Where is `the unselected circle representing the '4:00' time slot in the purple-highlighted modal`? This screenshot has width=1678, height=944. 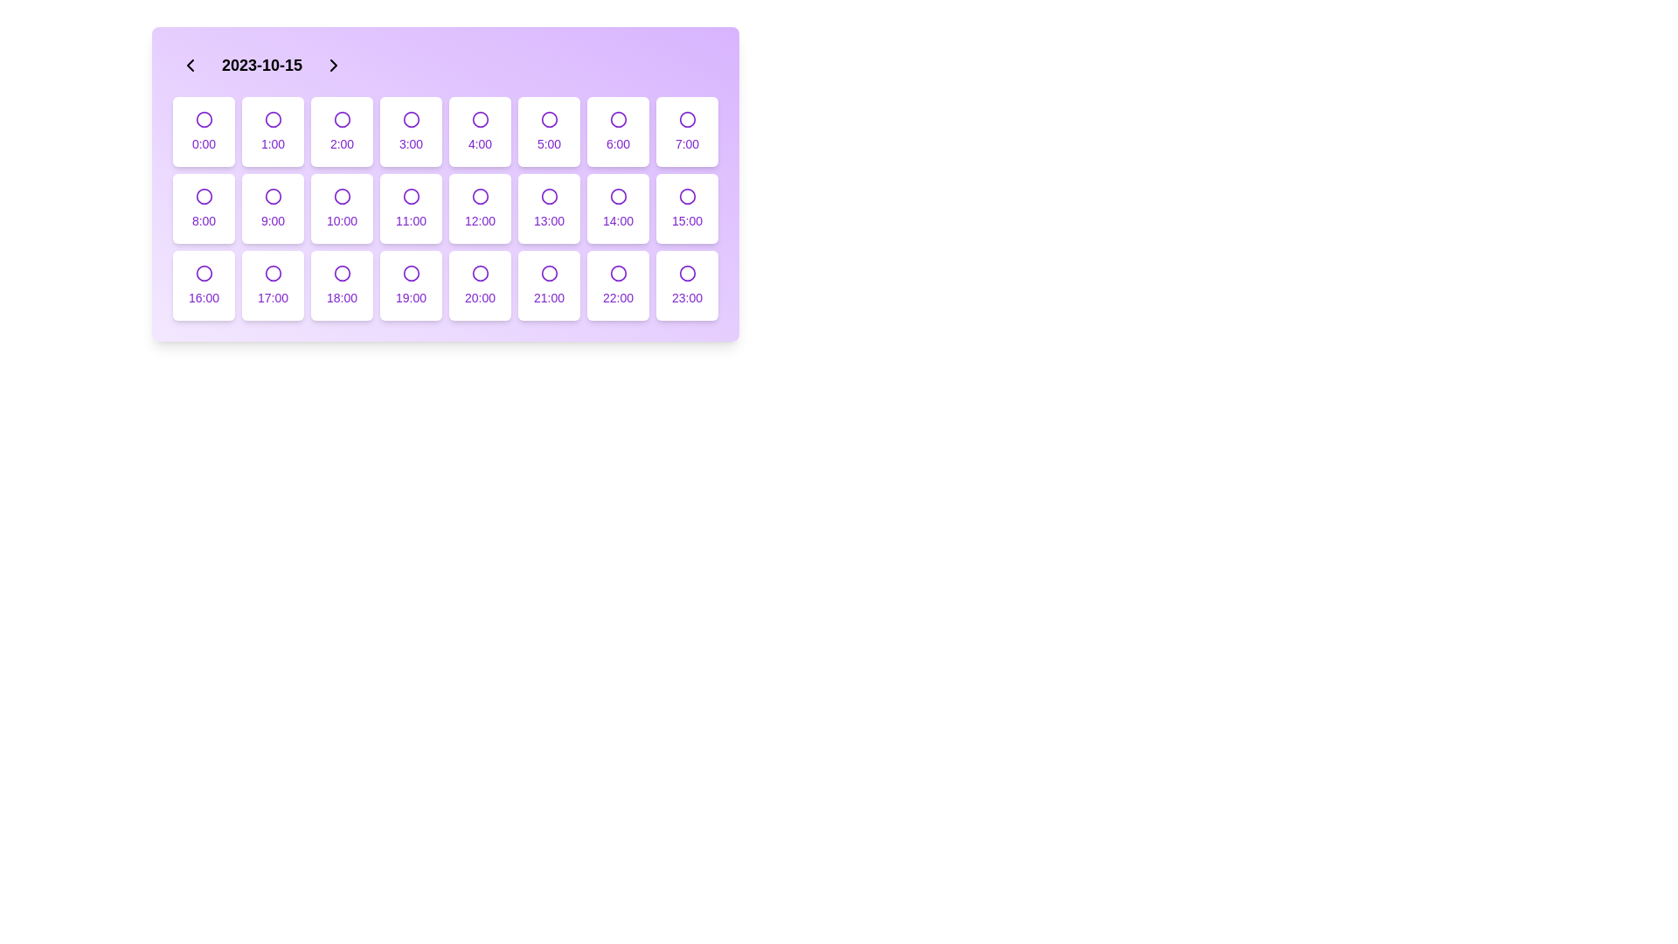 the unselected circle representing the '4:00' time slot in the purple-highlighted modal is located at coordinates (480, 119).